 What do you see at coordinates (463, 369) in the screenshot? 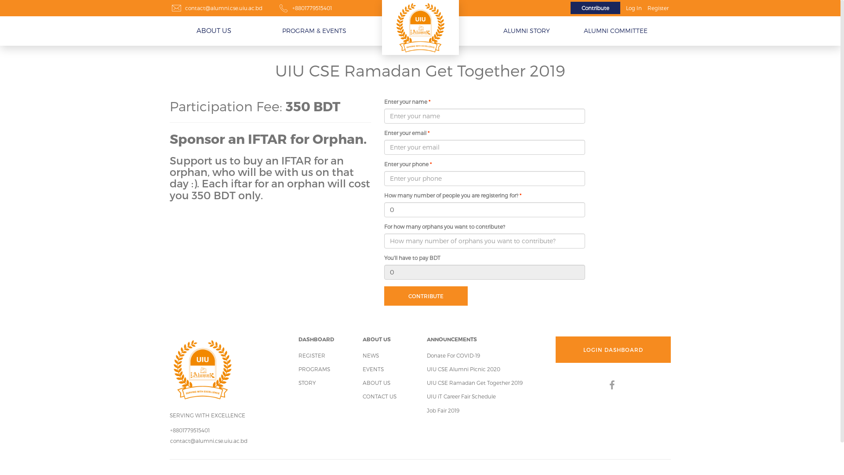
I see `'UIU CSE Alumni Picnic 2020'` at bounding box center [463, 369].